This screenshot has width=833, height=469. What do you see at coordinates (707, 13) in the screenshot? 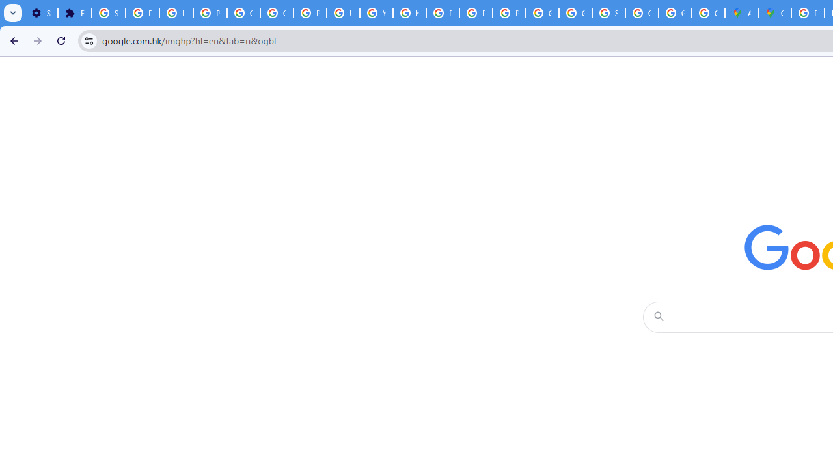
I see `'Create your Google Account'` at bounding box center [707, 13].